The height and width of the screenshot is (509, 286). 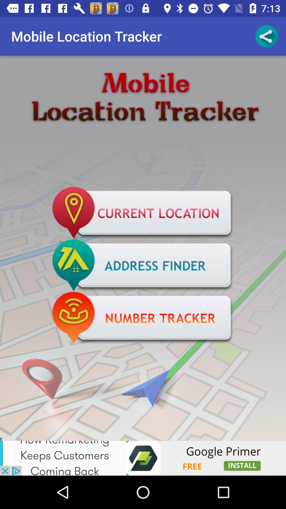 I want to click on watch advertisement, so click(x=143, y=458).